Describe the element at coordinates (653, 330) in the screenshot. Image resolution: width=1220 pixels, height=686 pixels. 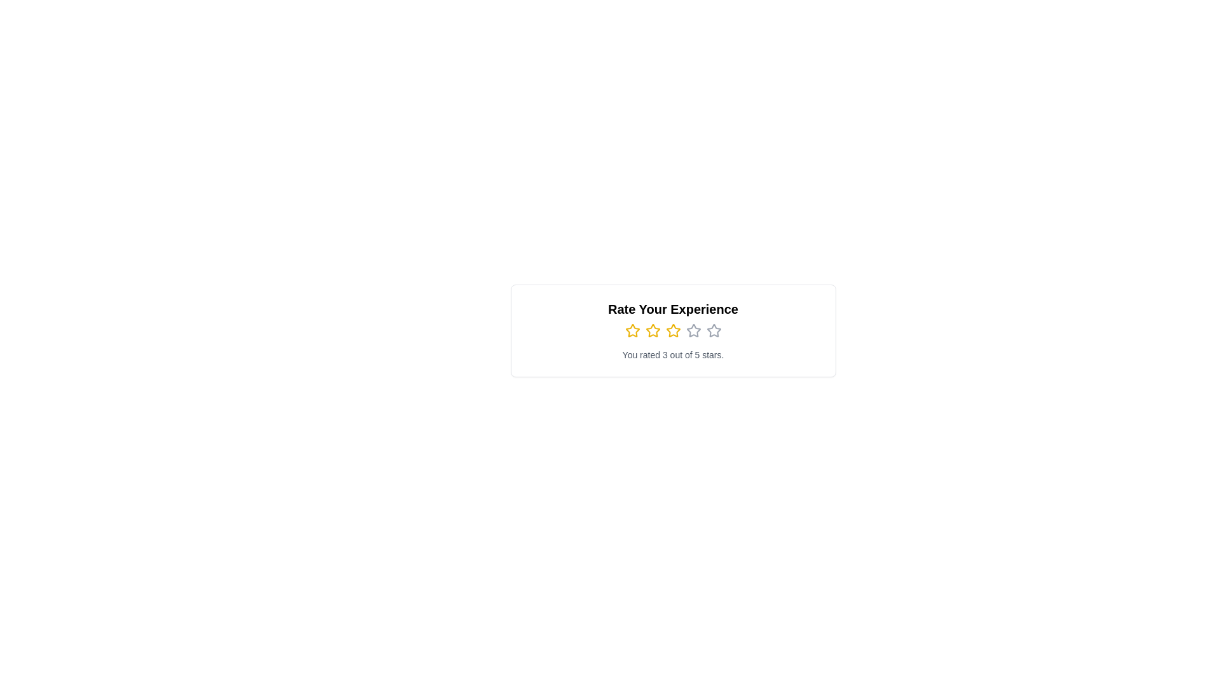
I see `the third star in the 5-star rating system` at that location.